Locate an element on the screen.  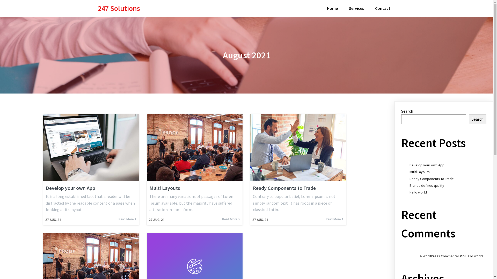
'Read More' is located at coordinates (231, 219).